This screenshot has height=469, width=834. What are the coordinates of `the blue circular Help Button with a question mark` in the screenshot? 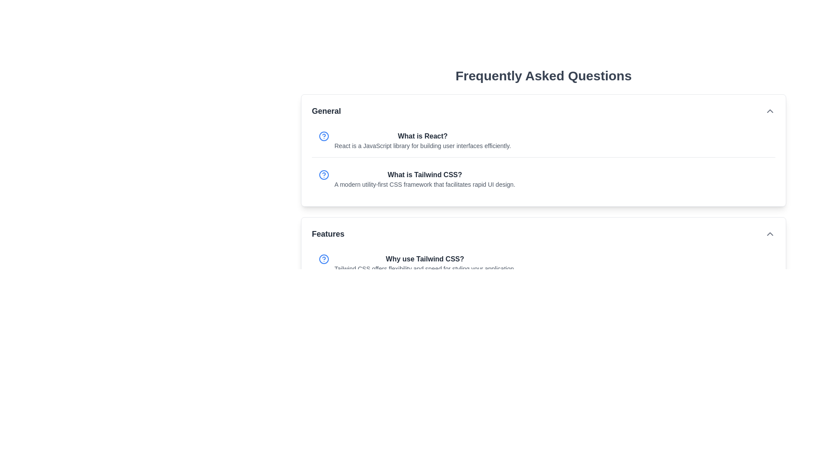 It's located at (323, 175).